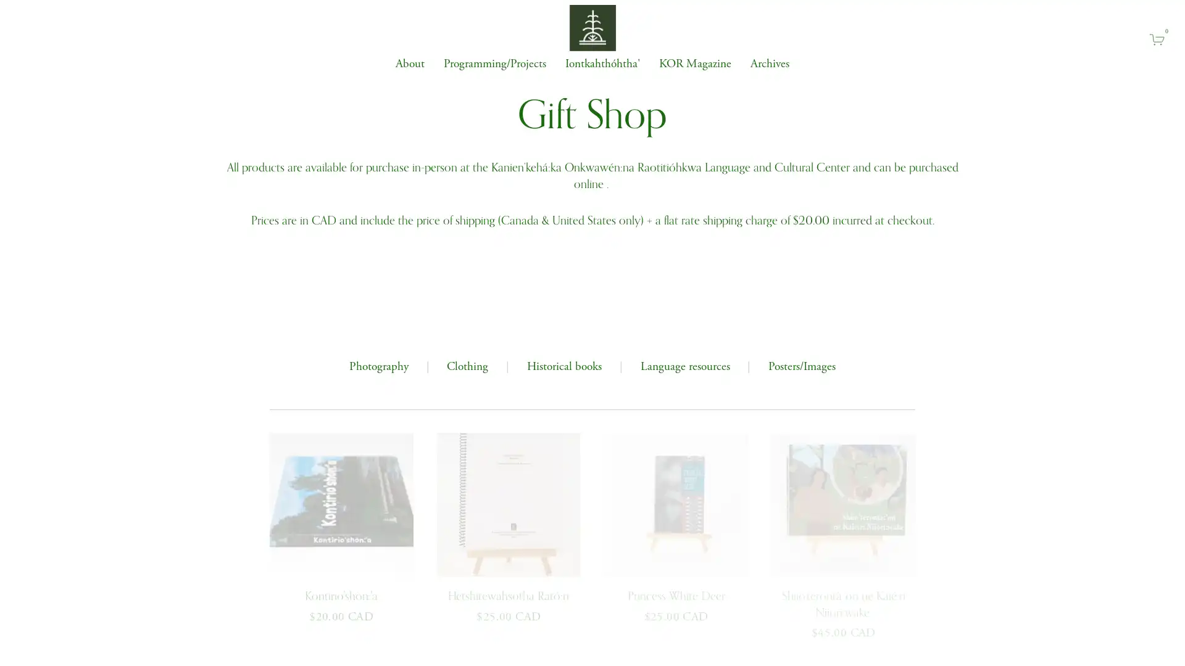  I want to click on QUICK VIEW, so click(509, 518).